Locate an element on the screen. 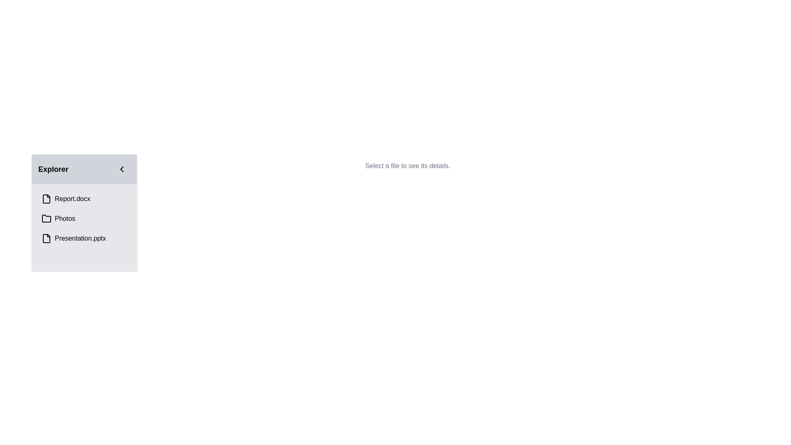  the 'Photos' folder icon, which is the second icon in the 'Explorer' panel, located between 'Report.docx' and 'Presentation.pptx' is located at coordinates (46, 218).